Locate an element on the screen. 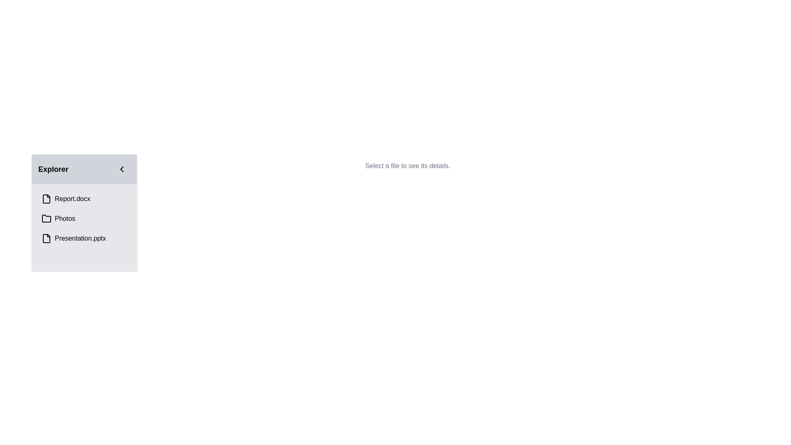  the 'Photos' folder icon, which is the second icon in the 'Explorer' panel, located between 'Report.docx' and 'Presentation.pptx' is located at coordinates (46, 218).